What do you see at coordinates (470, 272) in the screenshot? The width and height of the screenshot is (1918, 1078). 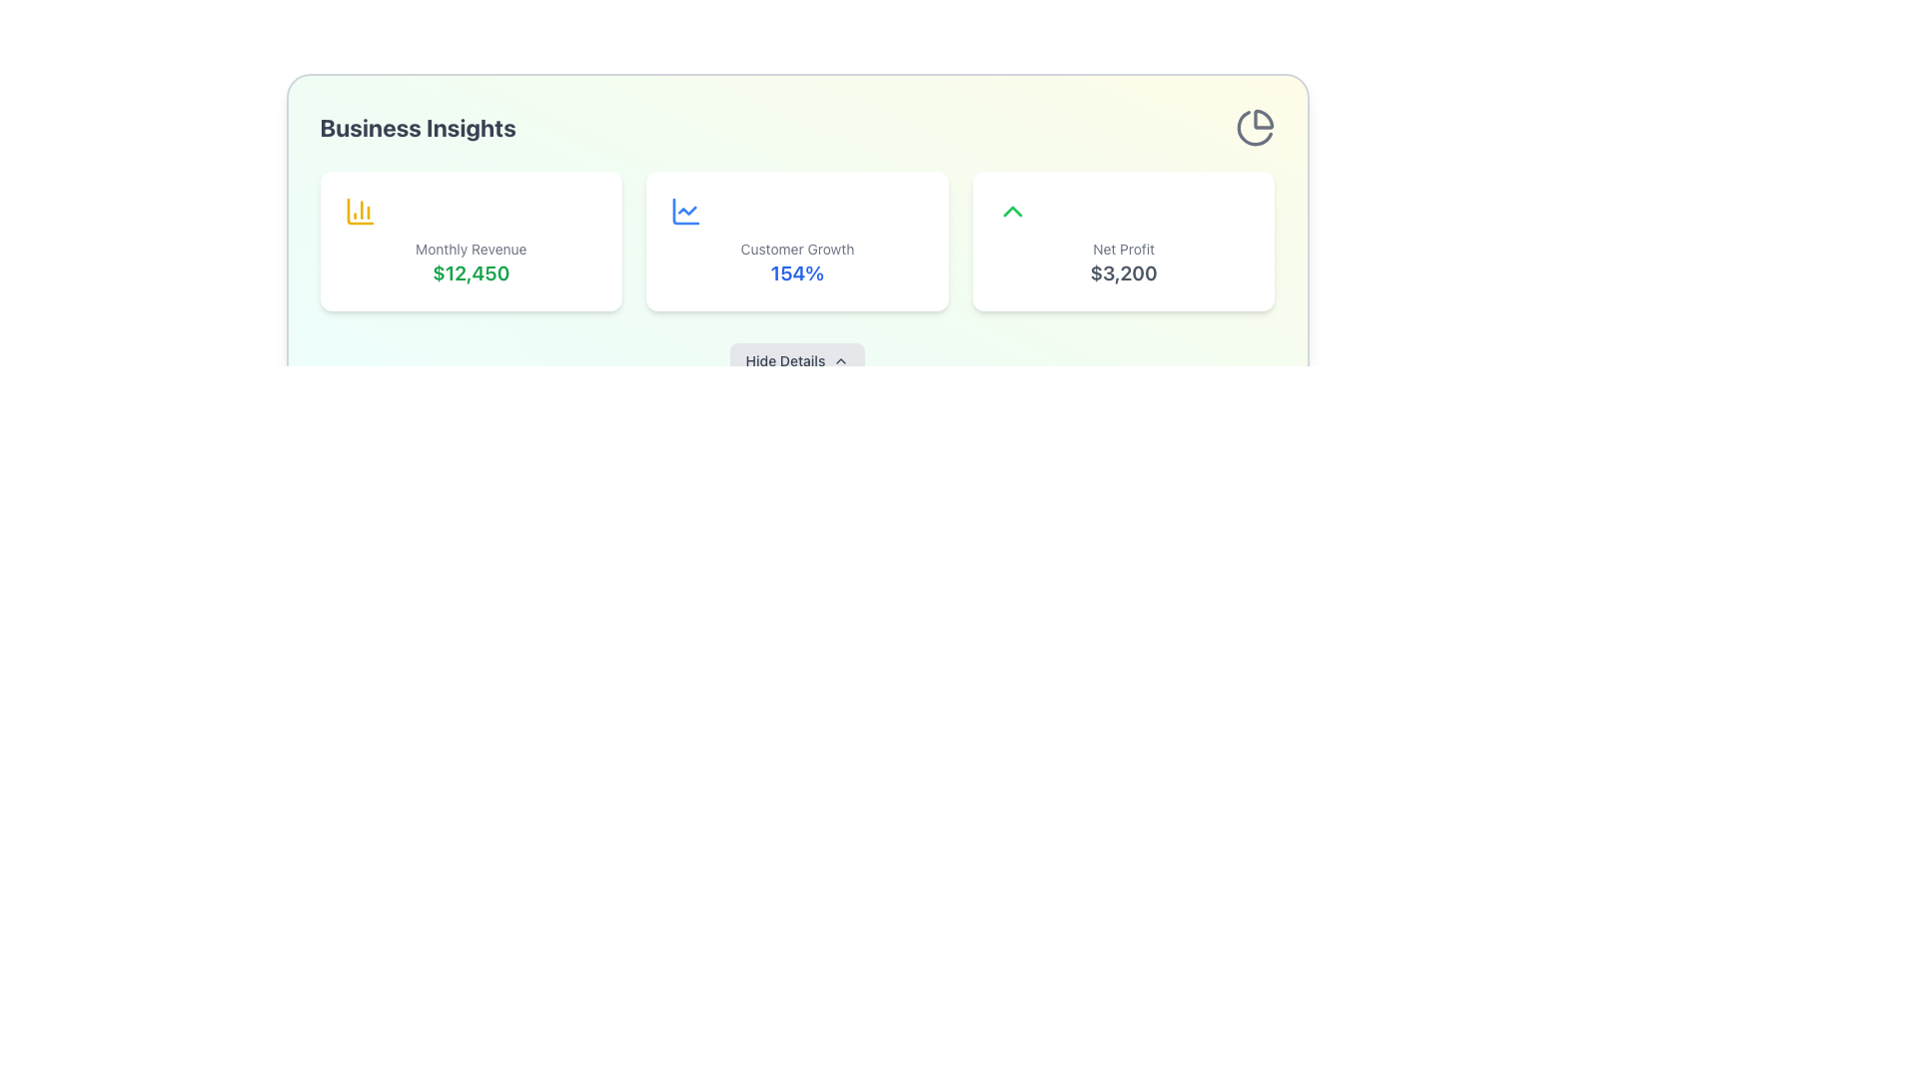 I see `the text displaying the total monthly revenue within the 'Monthly Revenue' card, which includes a bar chart icon and is located on the left side of the grid layout` at bounding box center [470, 272].